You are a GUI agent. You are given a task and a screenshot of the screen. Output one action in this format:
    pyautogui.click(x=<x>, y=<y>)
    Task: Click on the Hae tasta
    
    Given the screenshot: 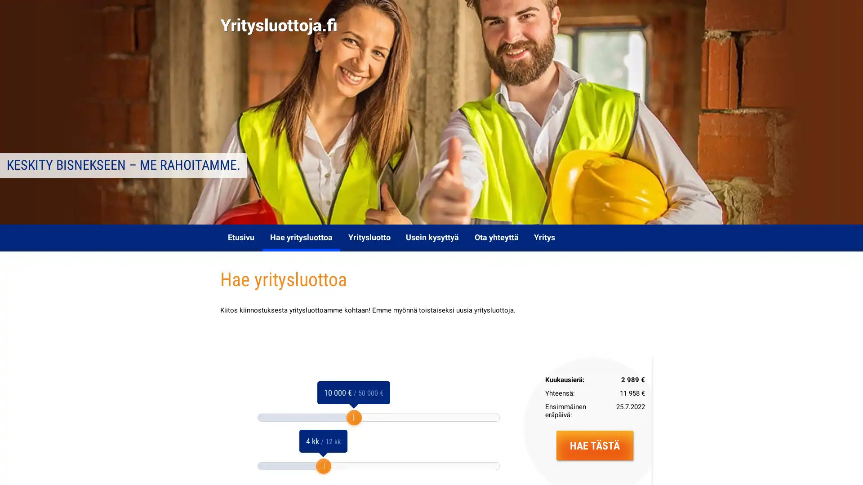 What is the action you would take?
    pyautogui.click(x=595, y=445)
    